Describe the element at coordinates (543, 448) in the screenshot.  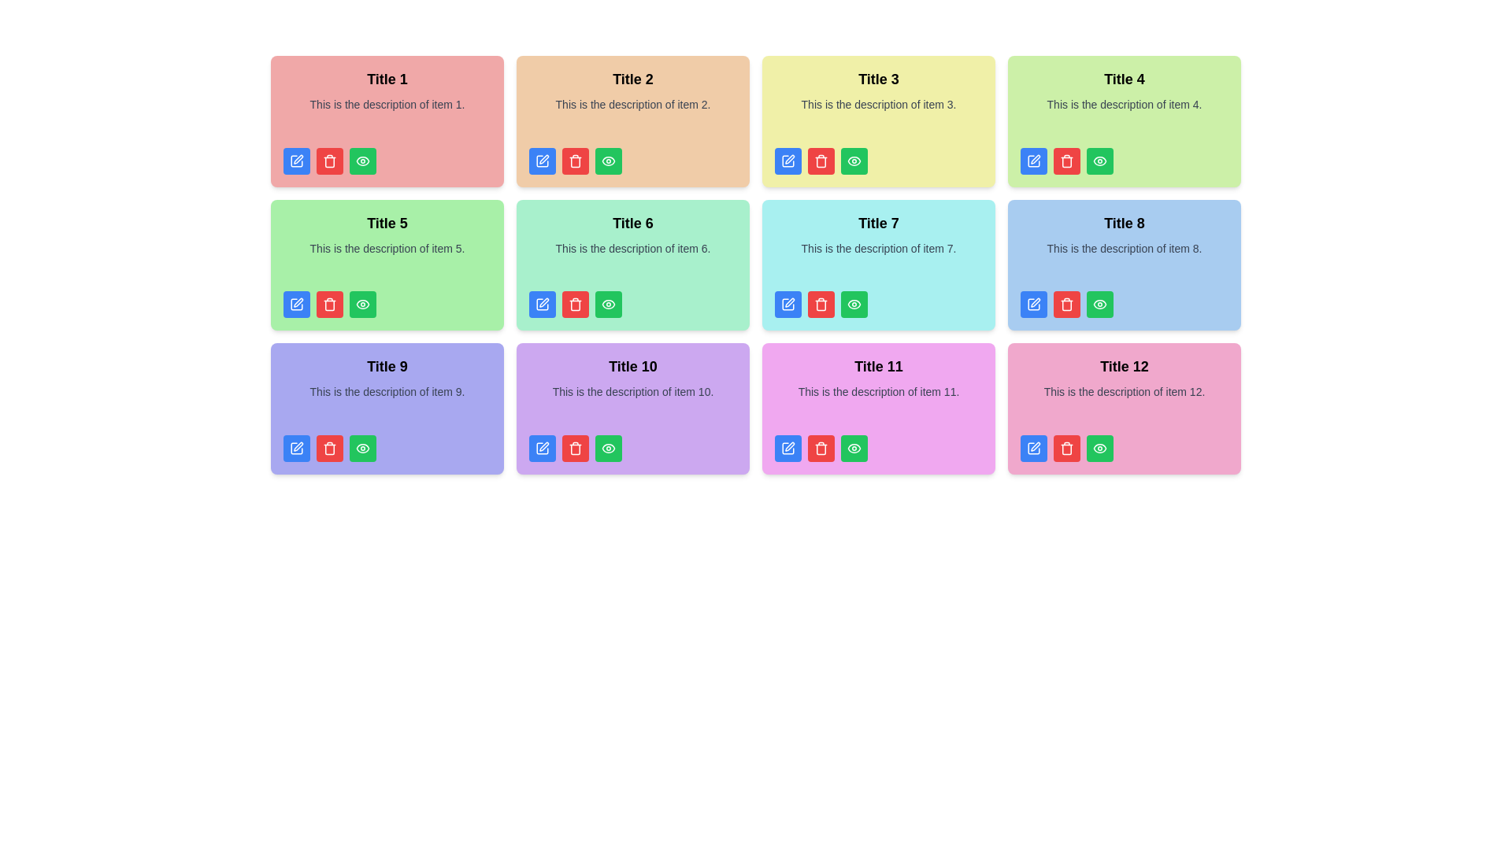
I see `the edit icon located within the blue button of the card labeled 'Title 10'` at that location.